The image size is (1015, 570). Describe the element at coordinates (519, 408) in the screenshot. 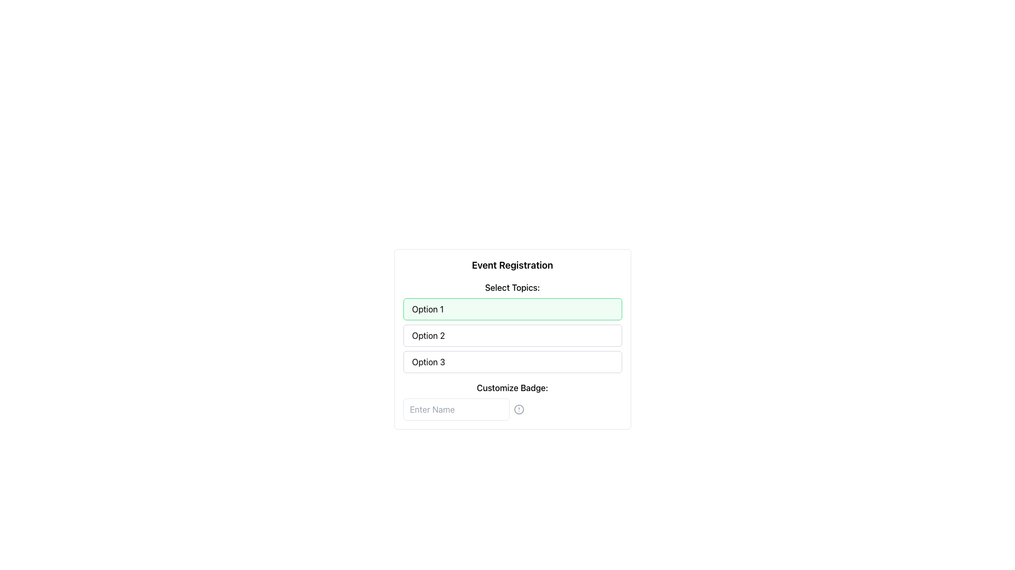

I see `the circular alert icon outlined in gray, which is located adjacent to the right of the 'Enter Name' text input field` at that location.